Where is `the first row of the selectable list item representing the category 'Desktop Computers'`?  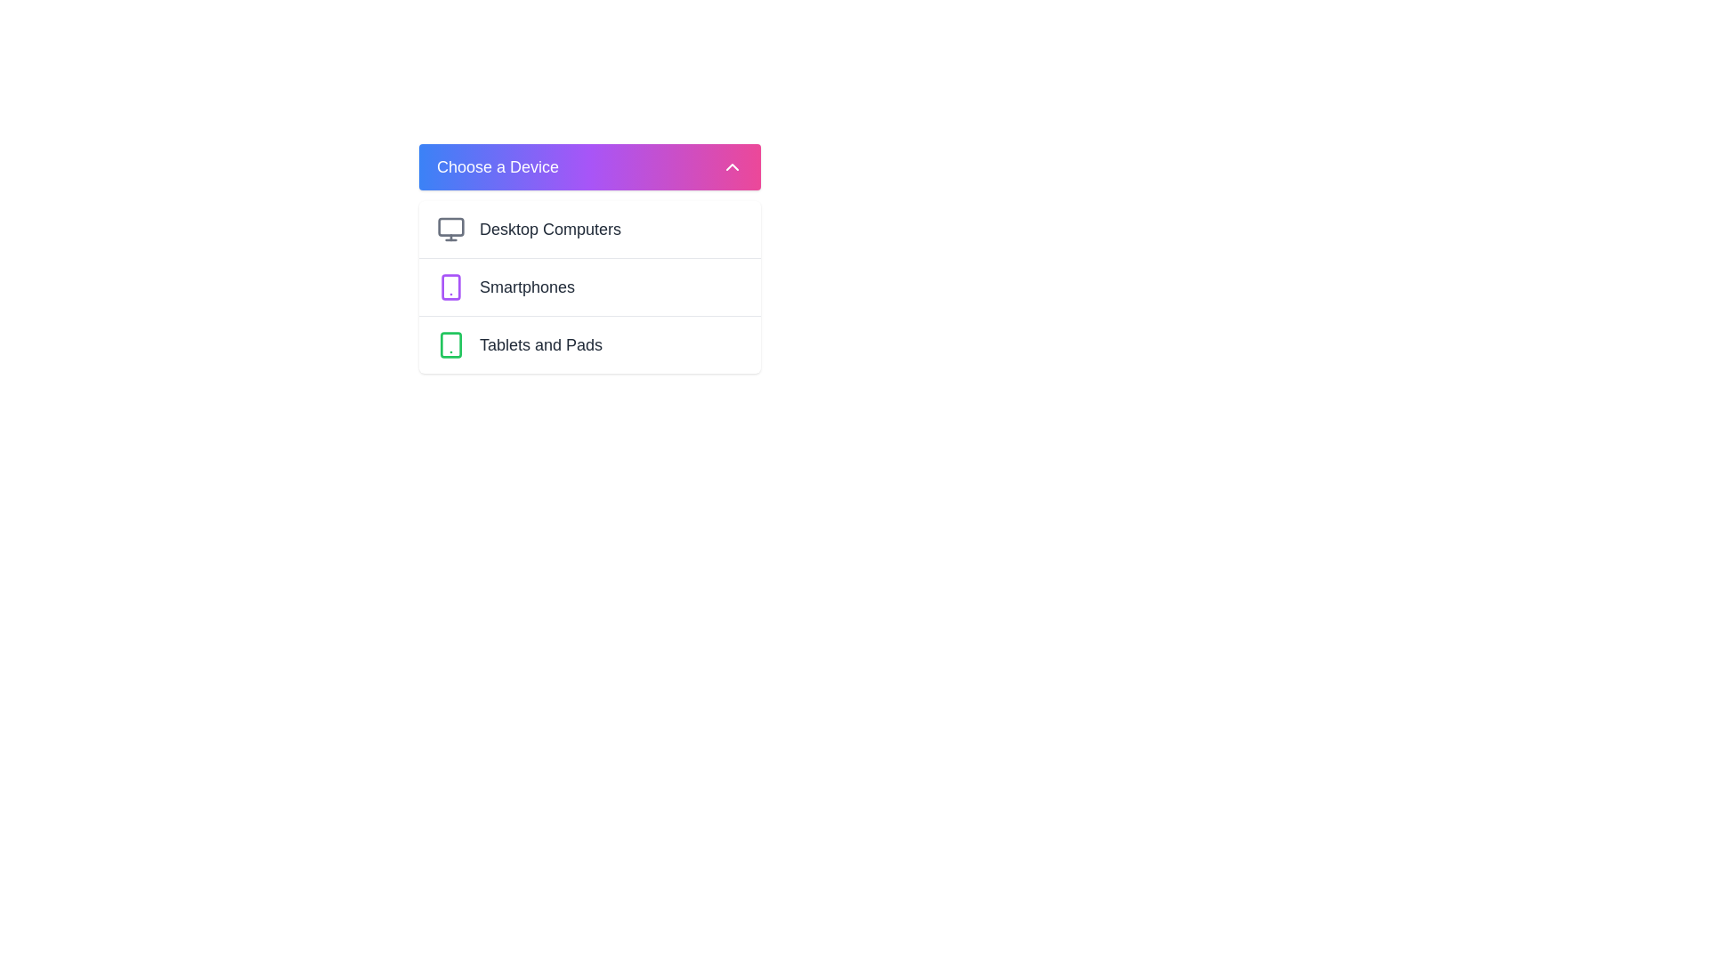 the first row of the selectable list item representing the category 'Desktop Computers' is located at coordinates (589, 229).